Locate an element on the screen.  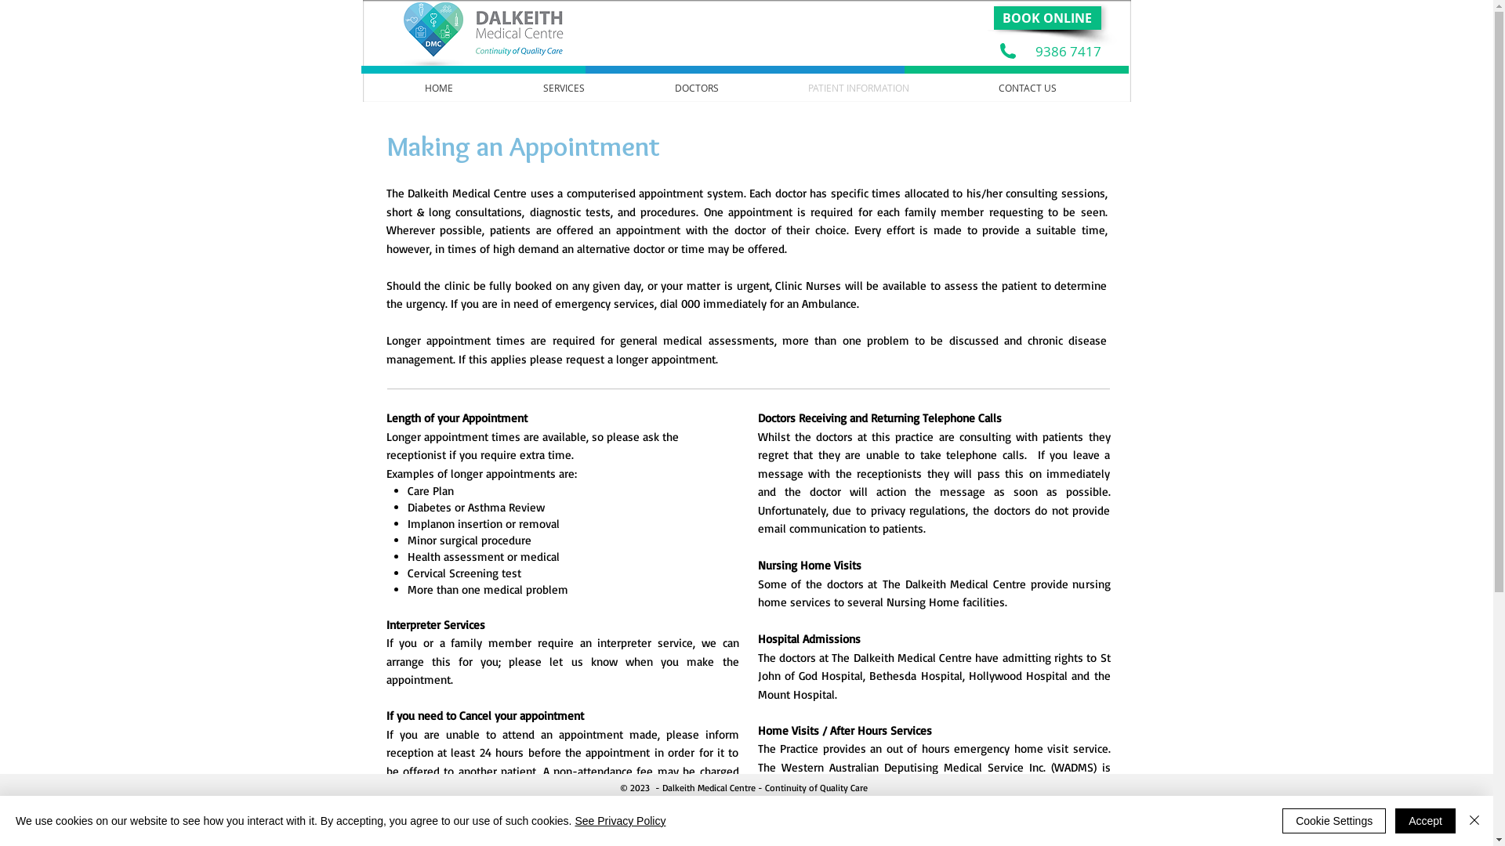
'9386 7417' is located at coordinates (1035, 50).